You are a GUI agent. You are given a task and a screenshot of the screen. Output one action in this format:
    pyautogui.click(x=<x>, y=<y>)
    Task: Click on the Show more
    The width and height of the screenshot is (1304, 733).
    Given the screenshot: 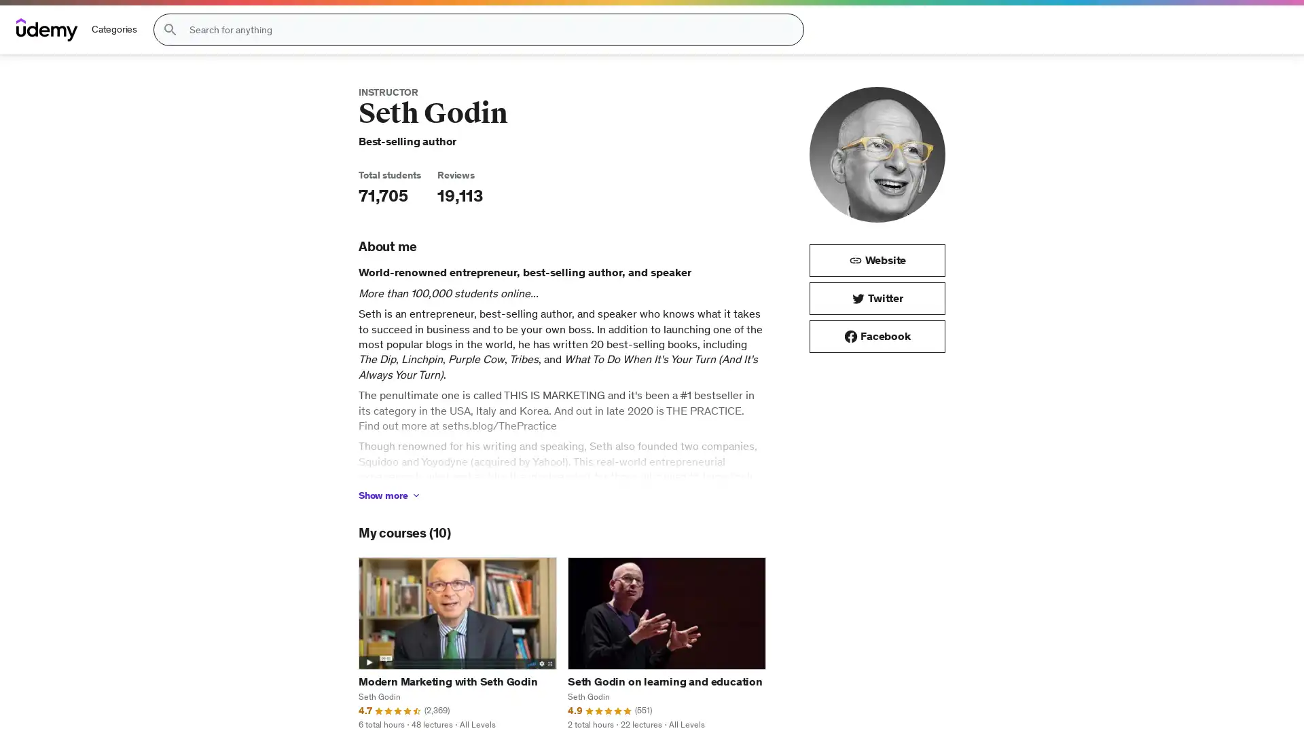 What is the action you would take?
    pyautogui.click(x=389, y=495)
    